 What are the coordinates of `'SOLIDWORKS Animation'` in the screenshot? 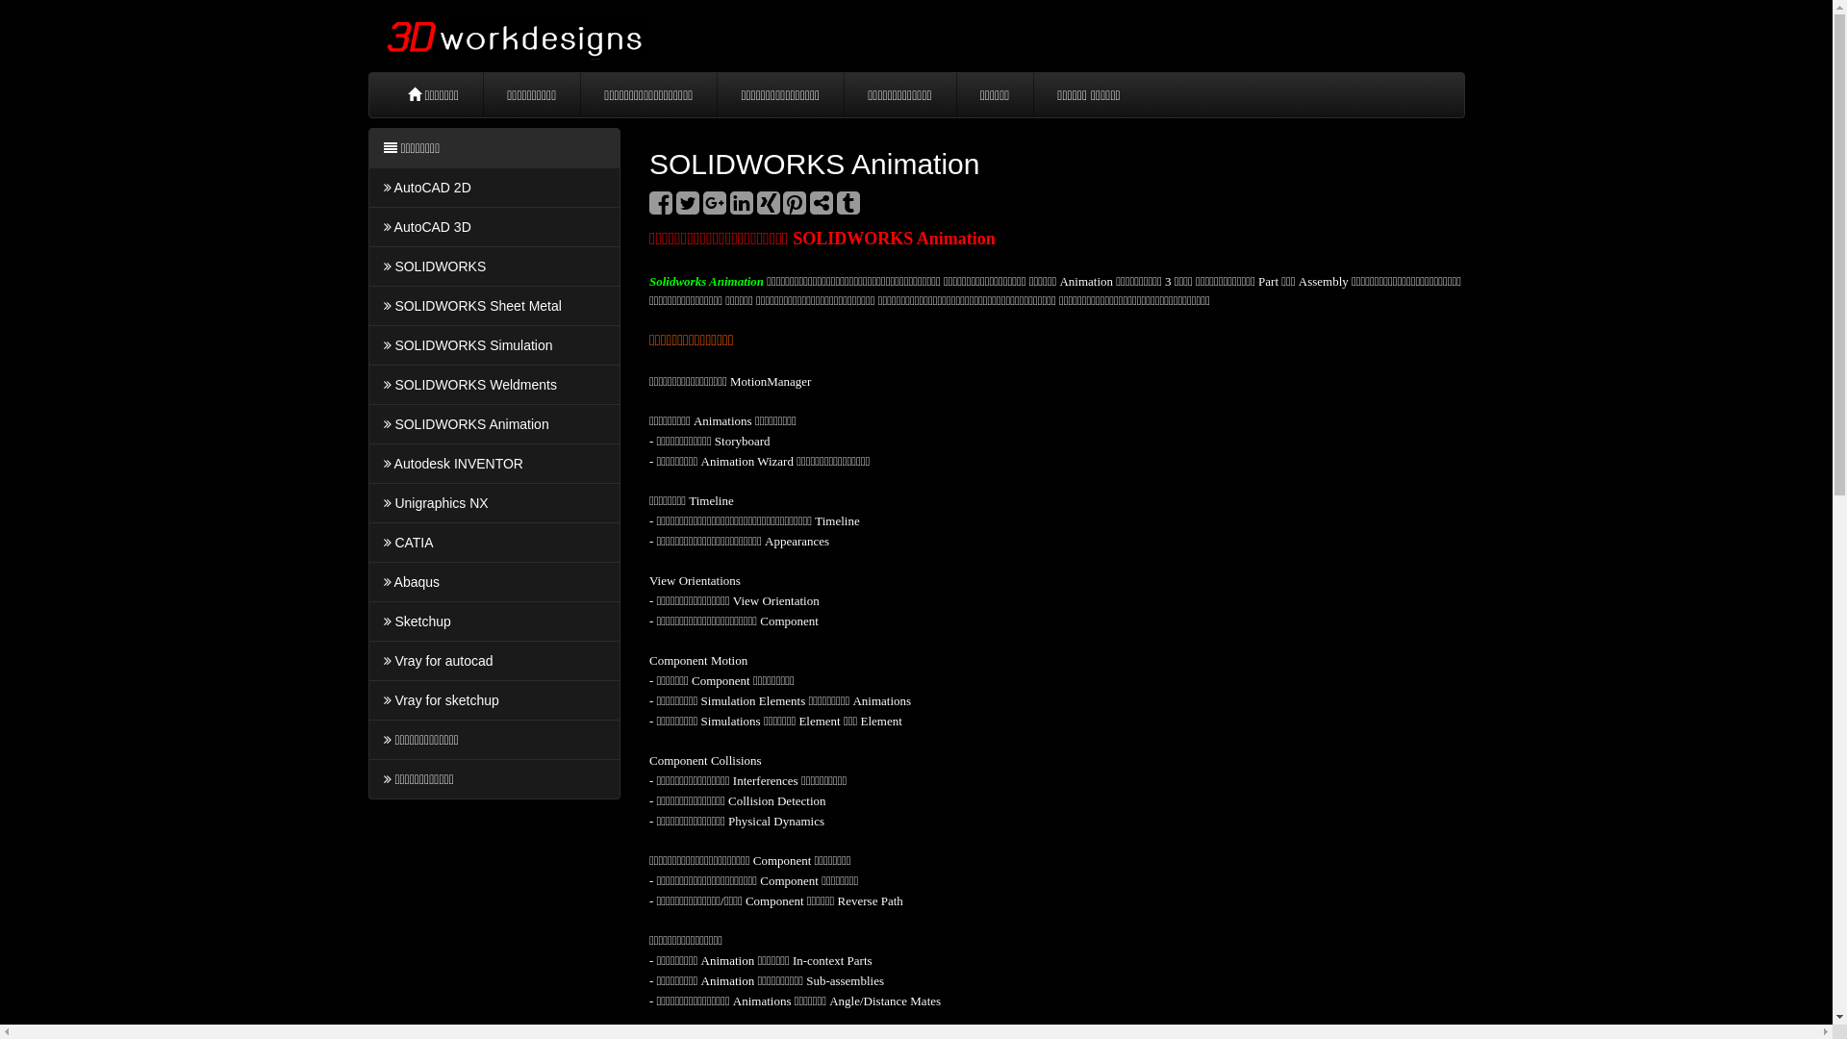 It's located at (493, 422).